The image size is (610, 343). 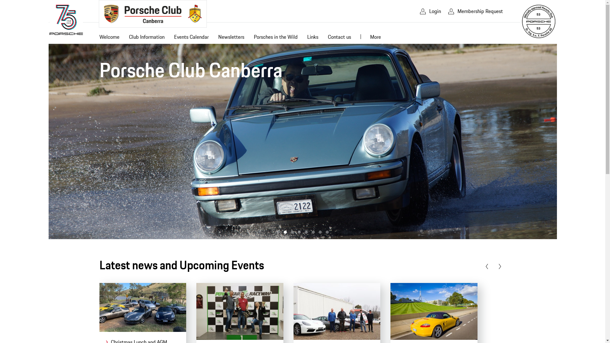 What do you see at coordinates (521, 21) in the screenshot?
I see `'Officially approved Porsche Club 53'` at bounding box center [521, 21].